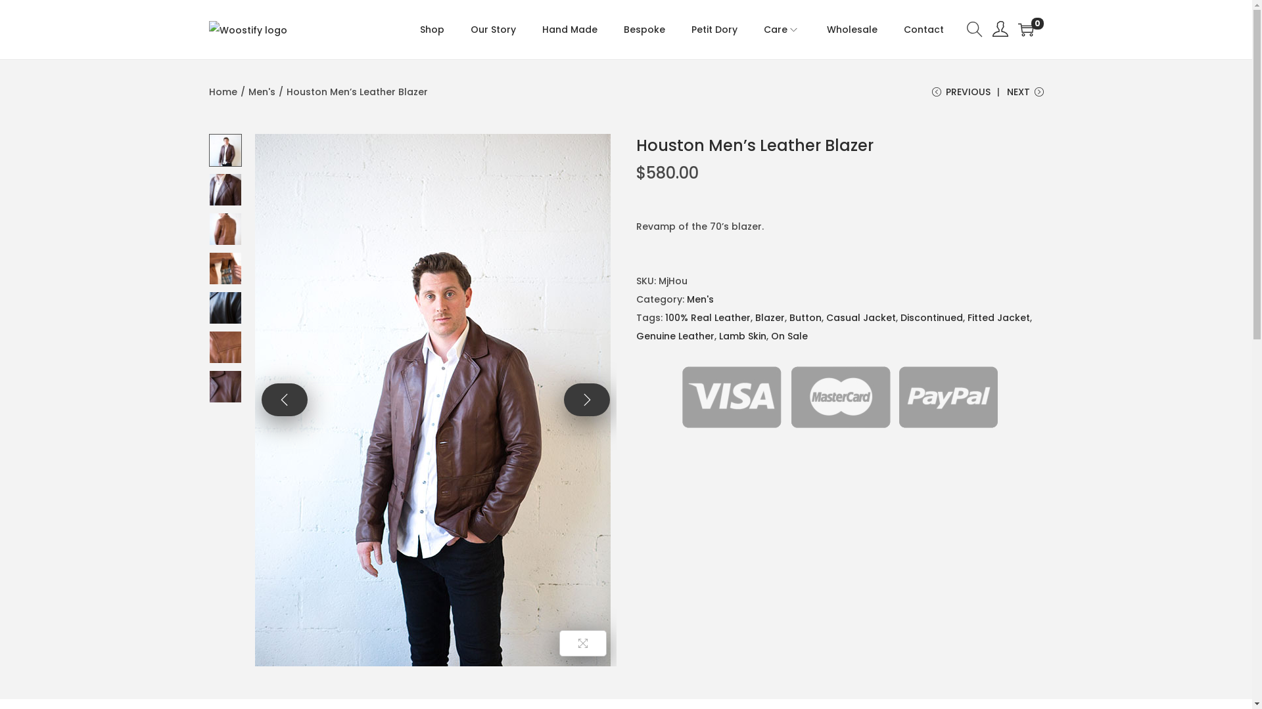 The image size is (1262, 709). Describe the element at coordinates (931, 317) in the screenshot. I see `'Discontinued'` at that location.